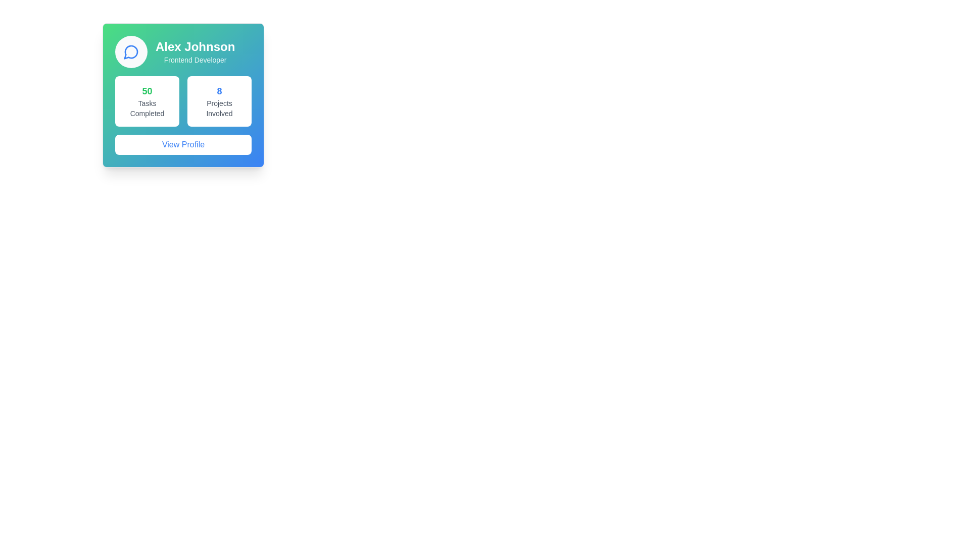  I want to click on the button that allows users, so click(183, 144).